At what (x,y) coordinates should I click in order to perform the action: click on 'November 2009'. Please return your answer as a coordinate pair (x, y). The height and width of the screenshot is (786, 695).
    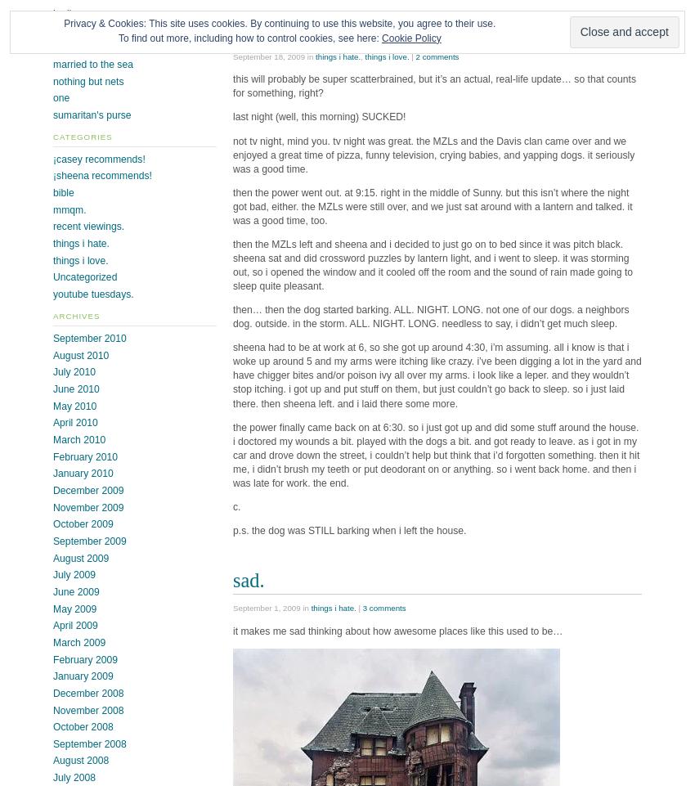
    Looking at the image, I should click on (87, 507).